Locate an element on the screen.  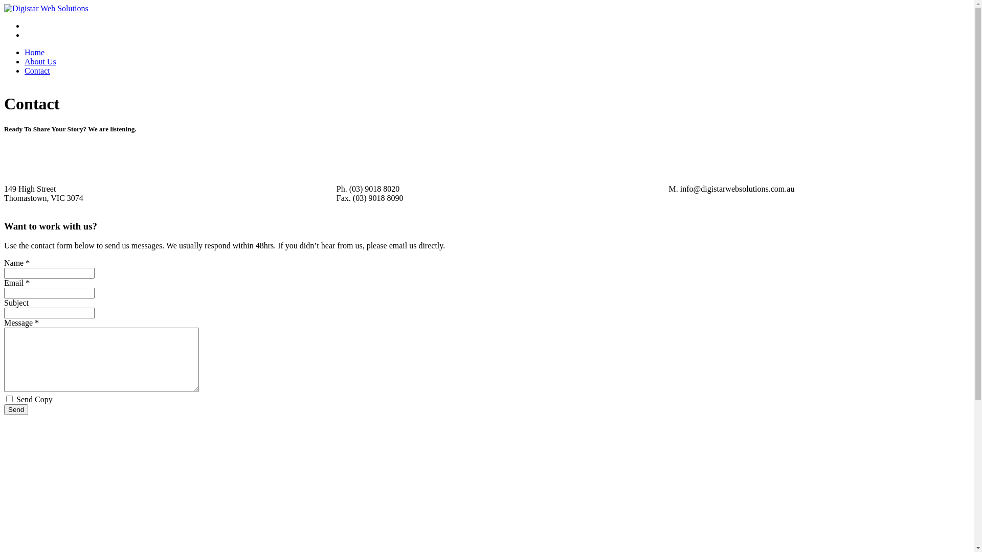
'Digistar Web Solutions' is located at coordinates (46, 8).